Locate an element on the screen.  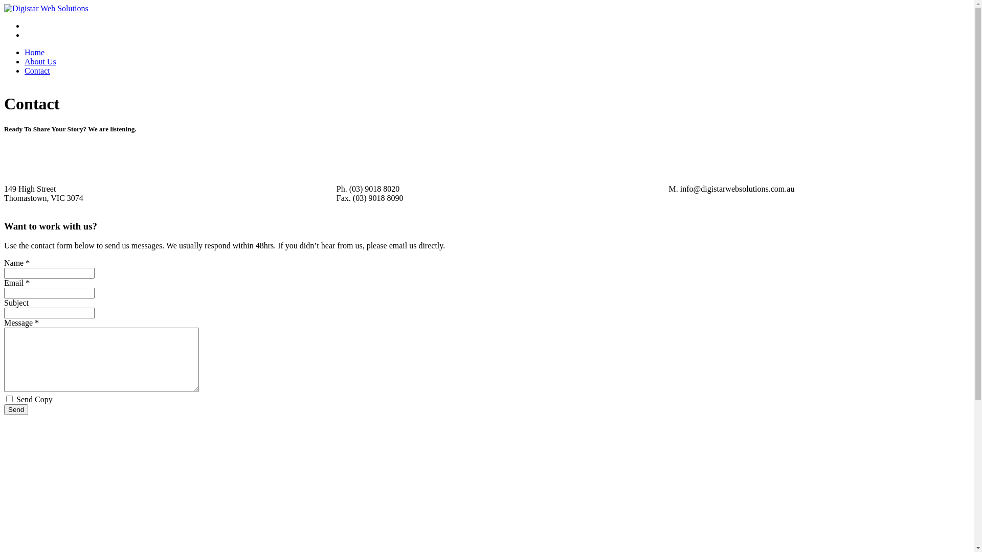
'Digistar Web Solutions' is located at coordinates (46, 8).